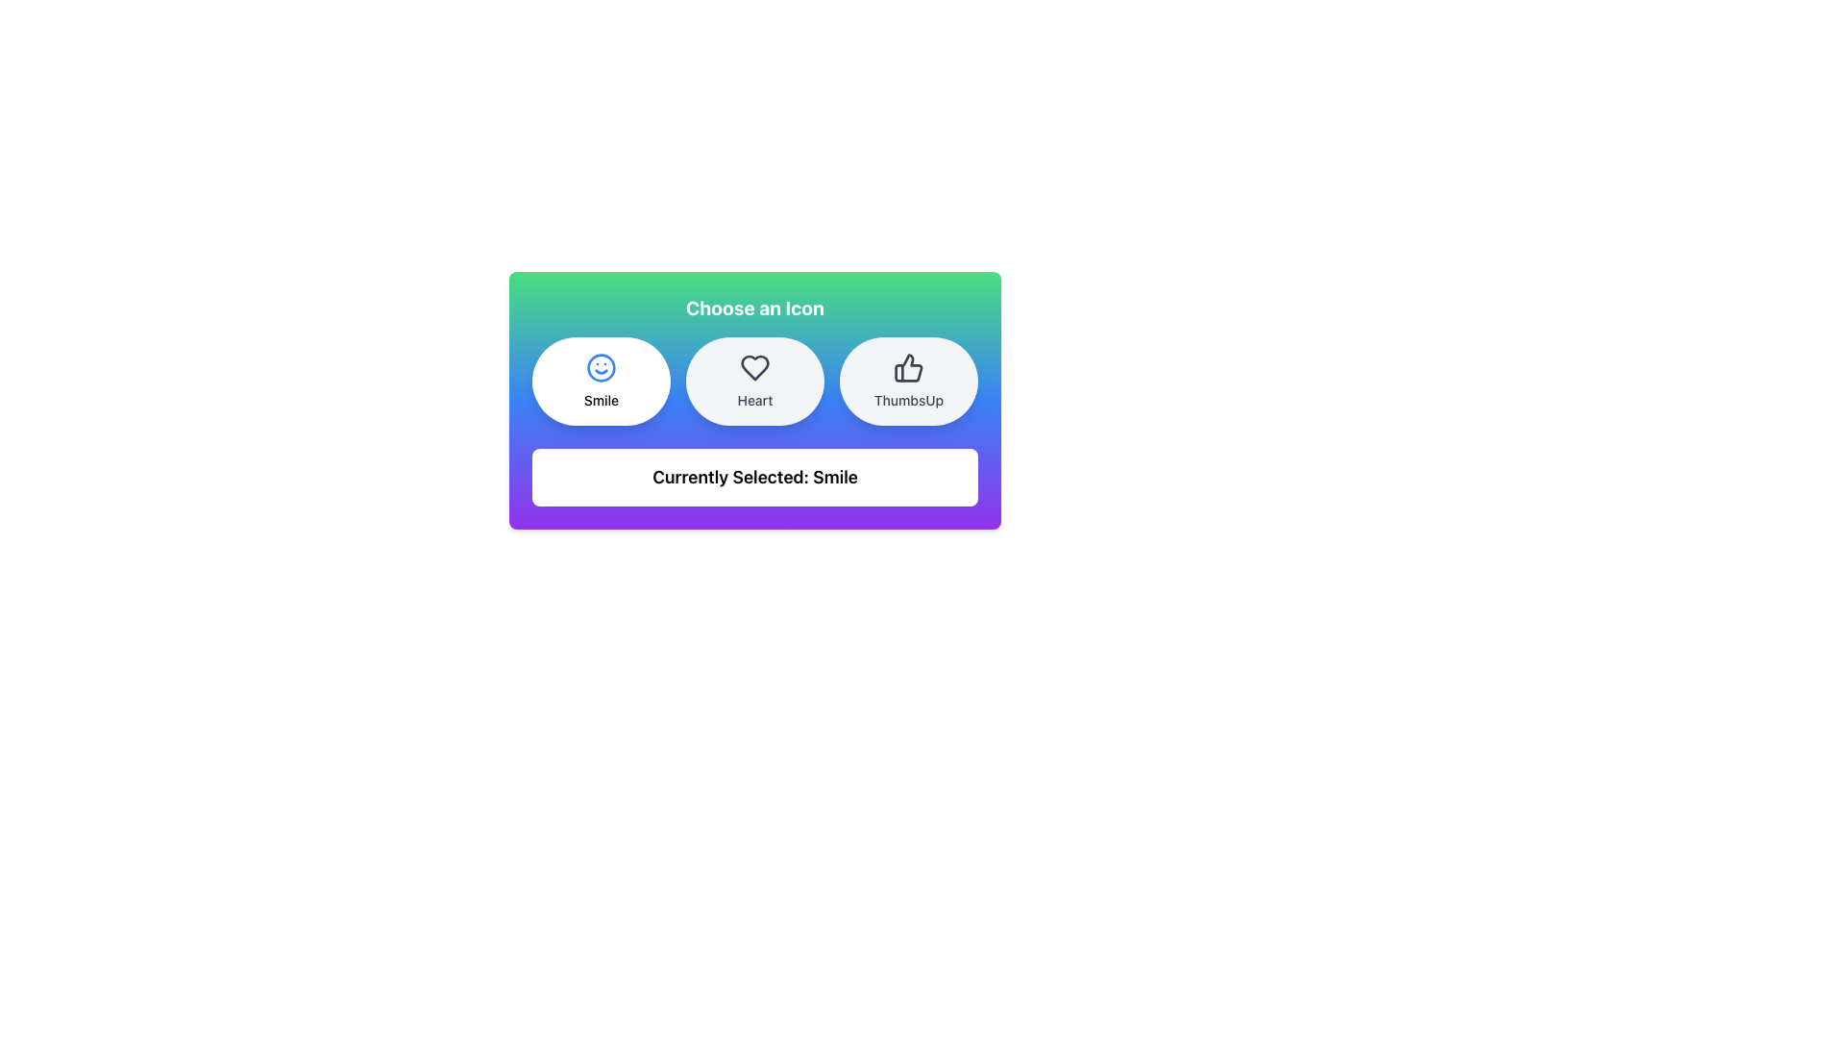 The height and width of the screenshot is (1038, 1845). What do you see at coordinates (907, 367) in the screenshot?
I see `the thumbs-up icon, which is the rightmost icon in a group of three, located in the 'ThumbsUp' section` at bounding box center [907, 367].